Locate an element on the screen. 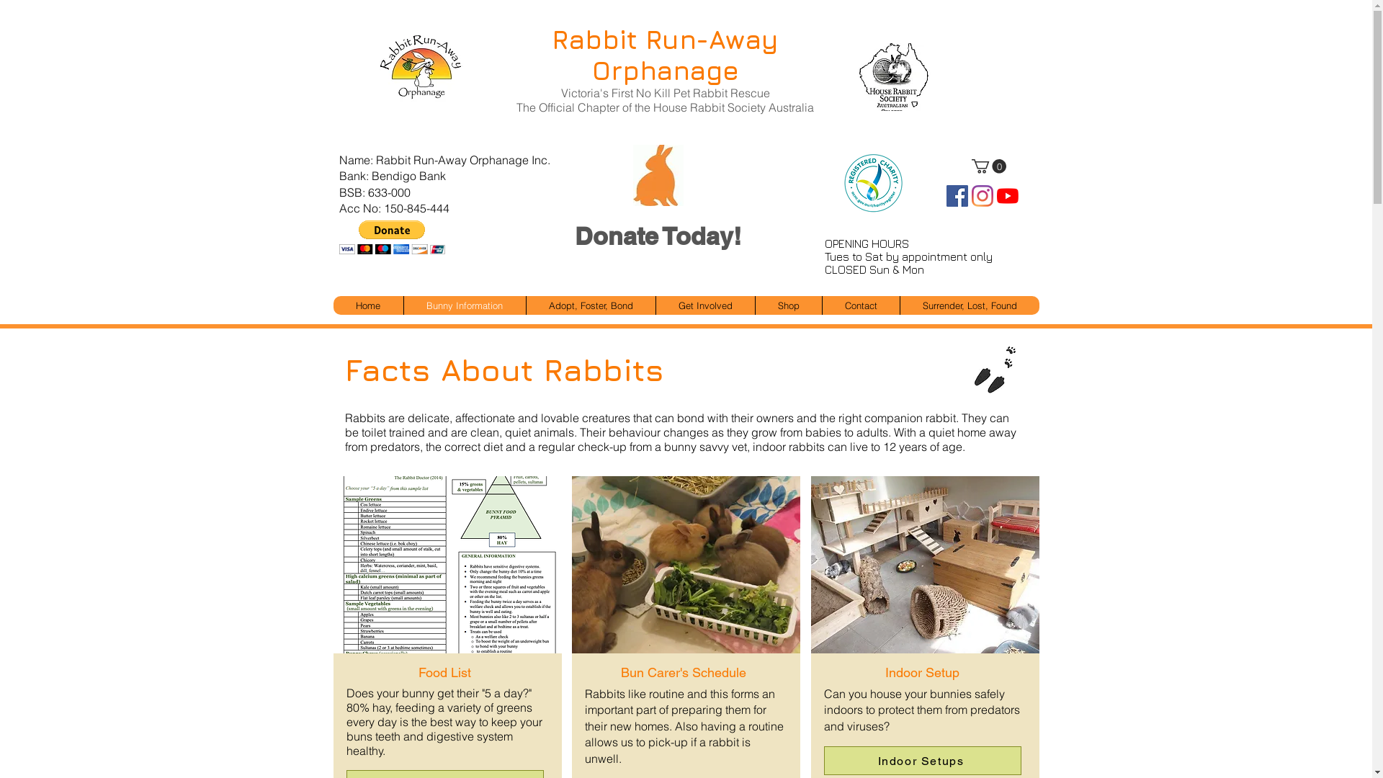 This screenshot has height=778, width=1383. '0' is located at coordinates (988, 166).